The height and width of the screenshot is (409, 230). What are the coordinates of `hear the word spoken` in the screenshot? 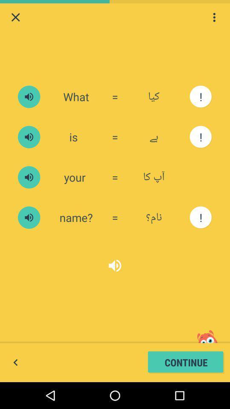 It's located at (29, 137).